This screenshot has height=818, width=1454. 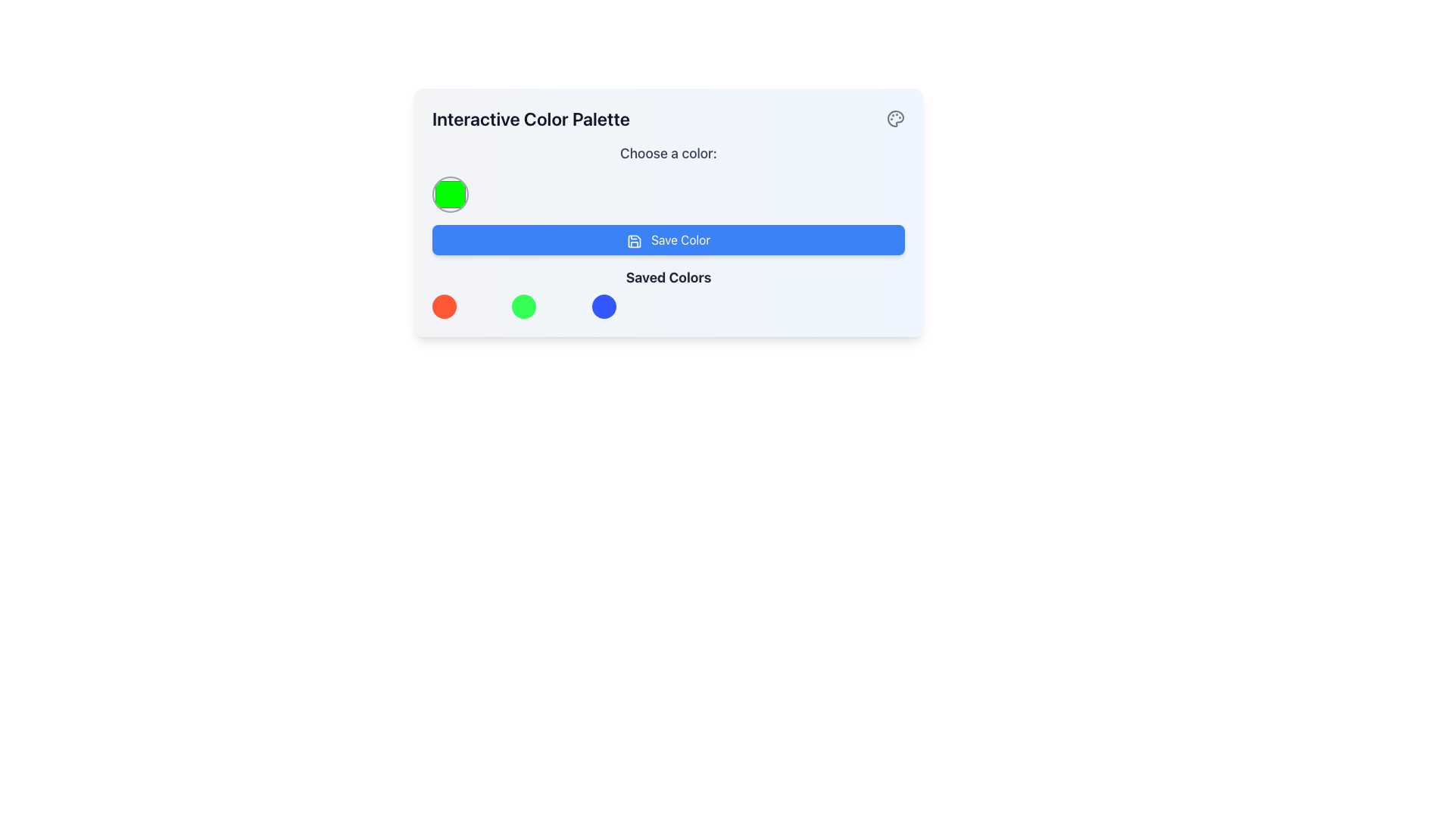 I want to click on the save button located below the text 'Choose a color:' and above the title 'Saved Colors', so click(x=668, y=230).